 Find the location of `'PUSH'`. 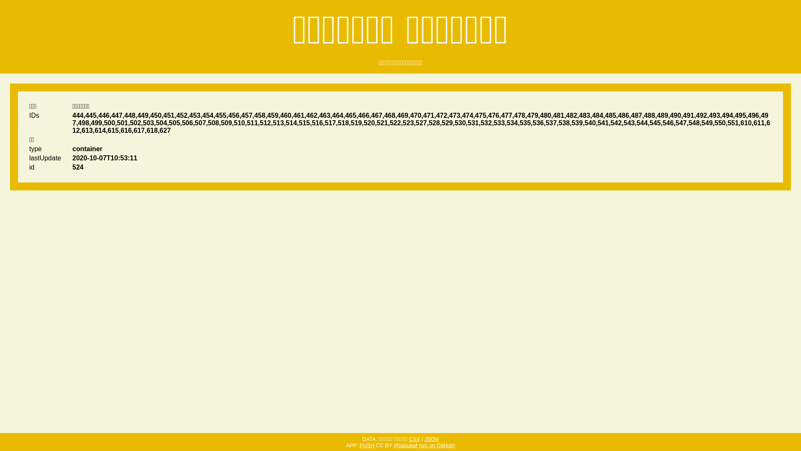

'PUSH' is located at coordinates (367, 445).